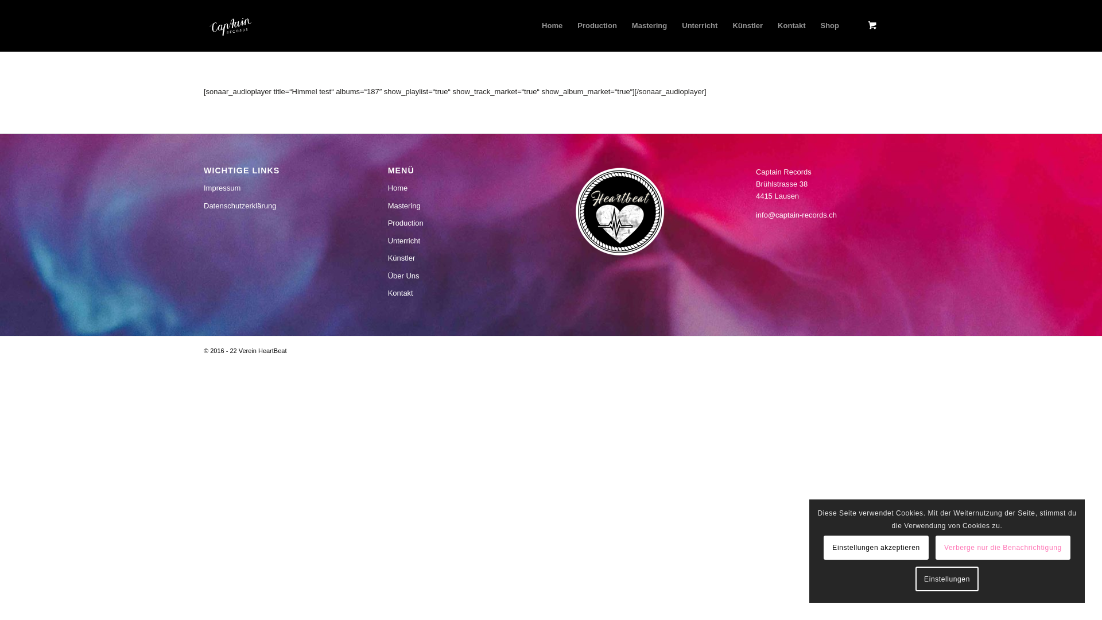 The width and height of the screenshot is (1102, 620). What do you see at coordinates (823, 547) in the screenshot?
I see `'Einstellungen akzeptieren'` at bounding box center [823, 547].